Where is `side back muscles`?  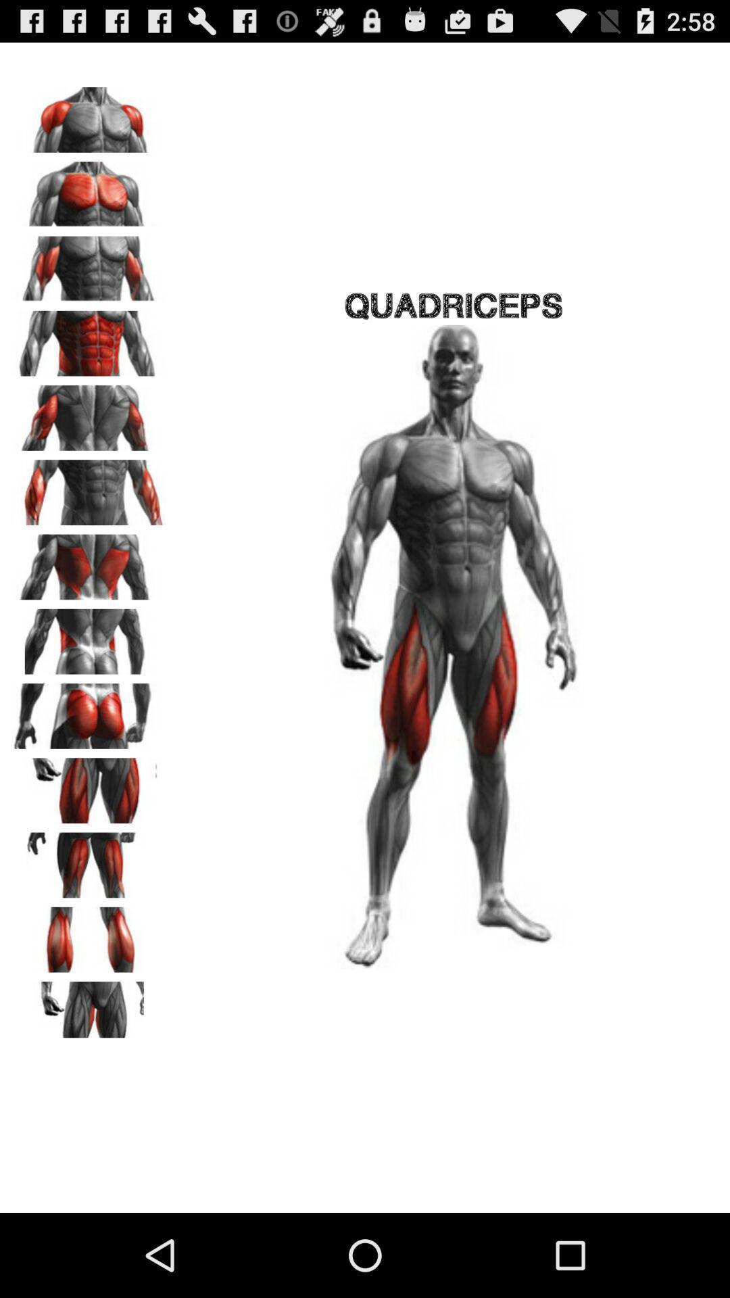
side back muscles is located at coordinates (89, 562).